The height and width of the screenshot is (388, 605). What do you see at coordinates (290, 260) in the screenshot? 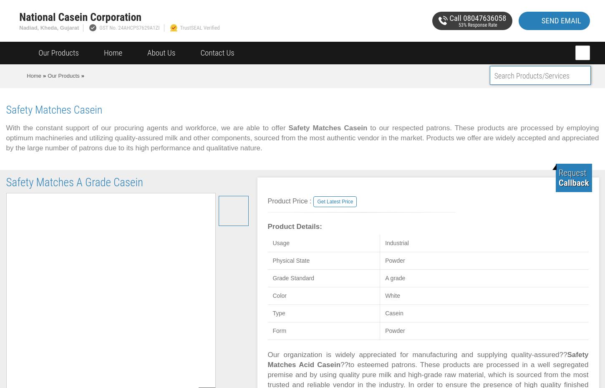
I see `'Physical State'` at bounding box center [290, 260].